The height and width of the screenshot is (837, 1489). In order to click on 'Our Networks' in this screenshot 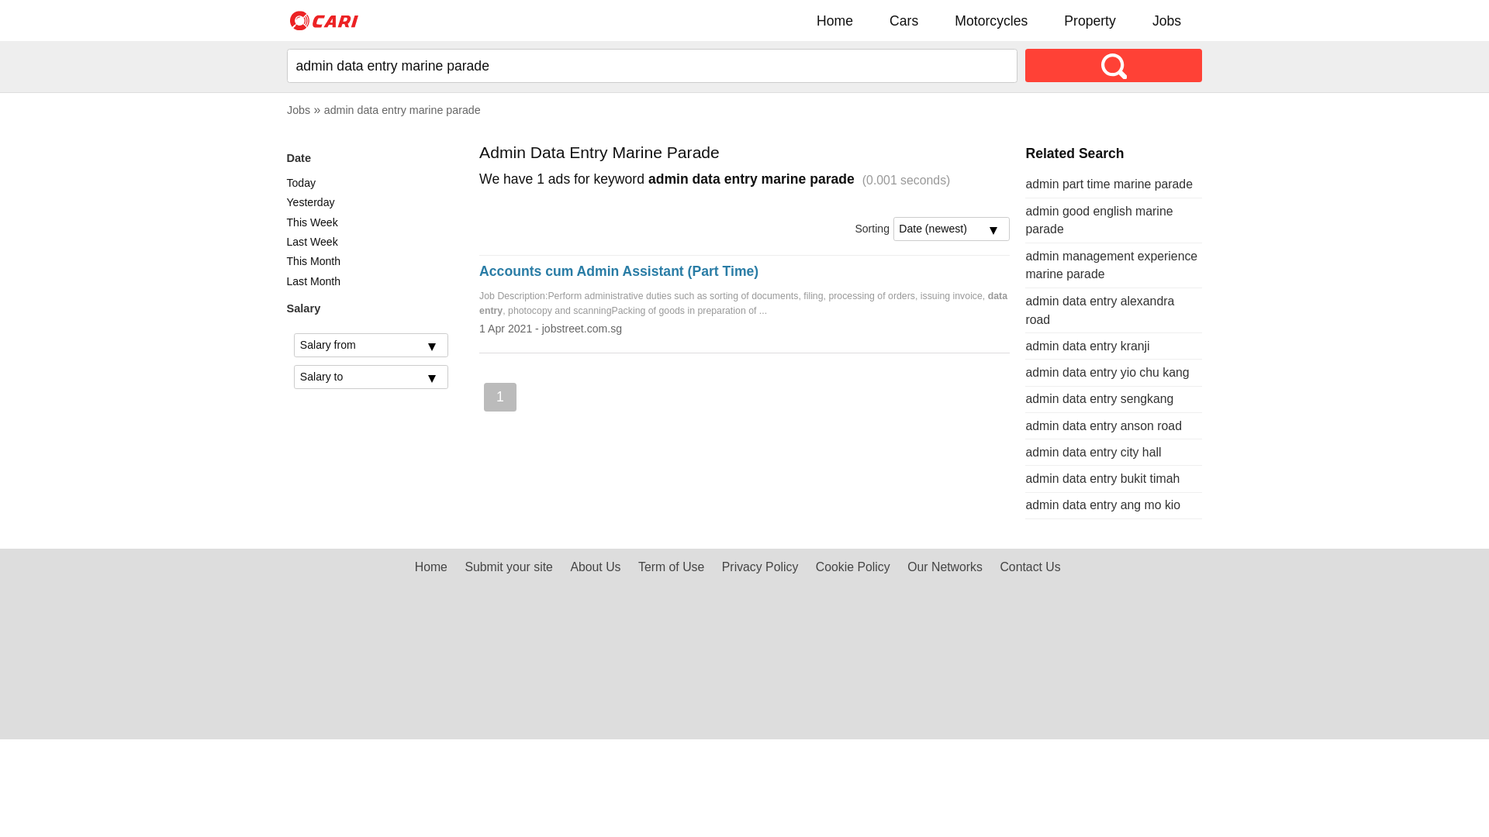, I will do `click(944, 567)`.